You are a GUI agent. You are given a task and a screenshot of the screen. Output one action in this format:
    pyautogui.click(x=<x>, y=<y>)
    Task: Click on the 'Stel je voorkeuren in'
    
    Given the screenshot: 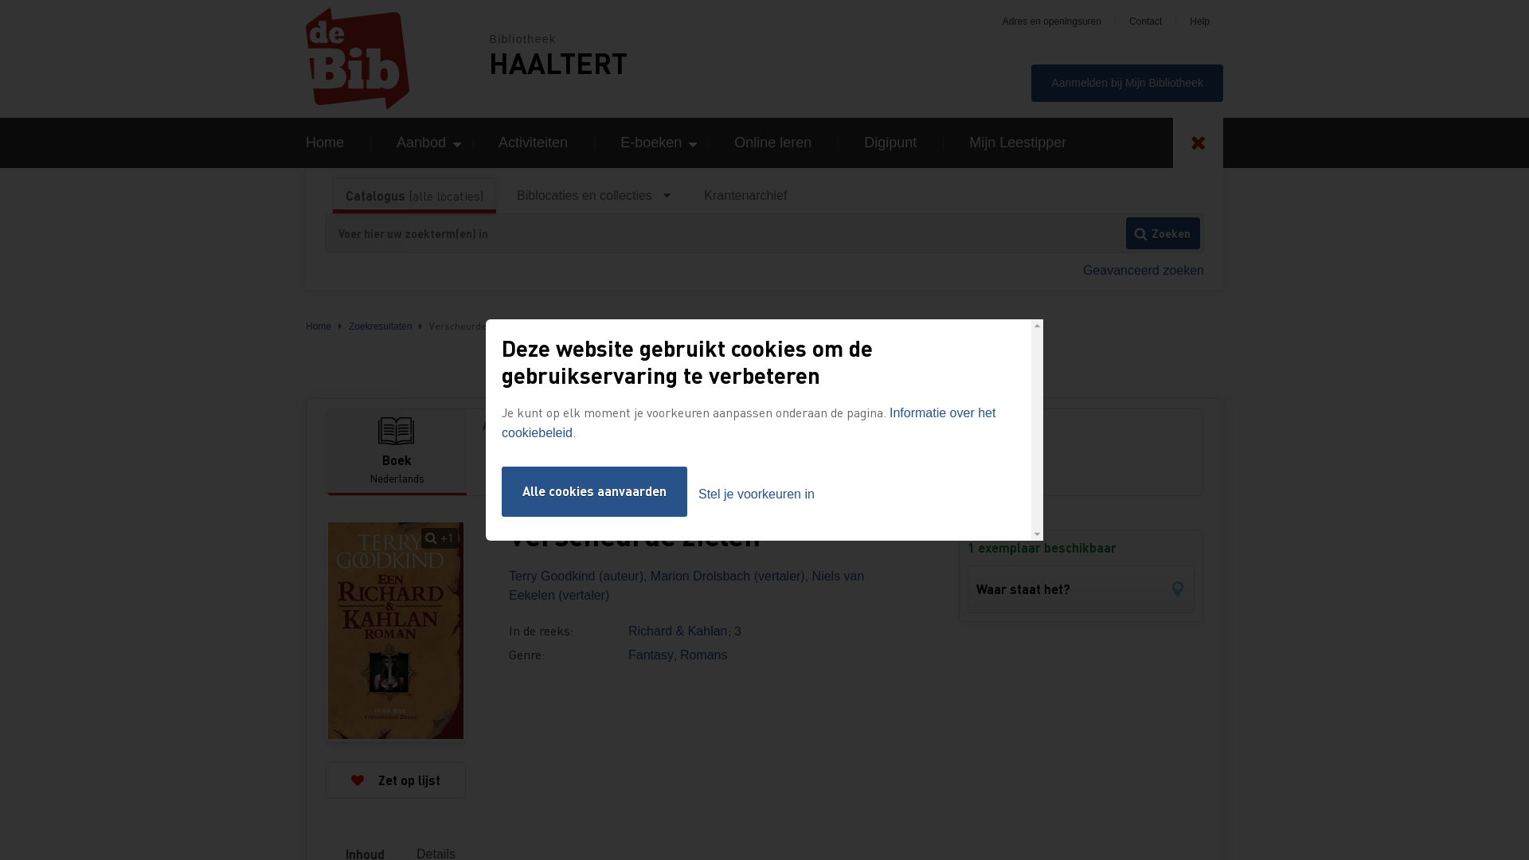 What is the action you would take?
    pyautogui.click(x=756, y=494)
    